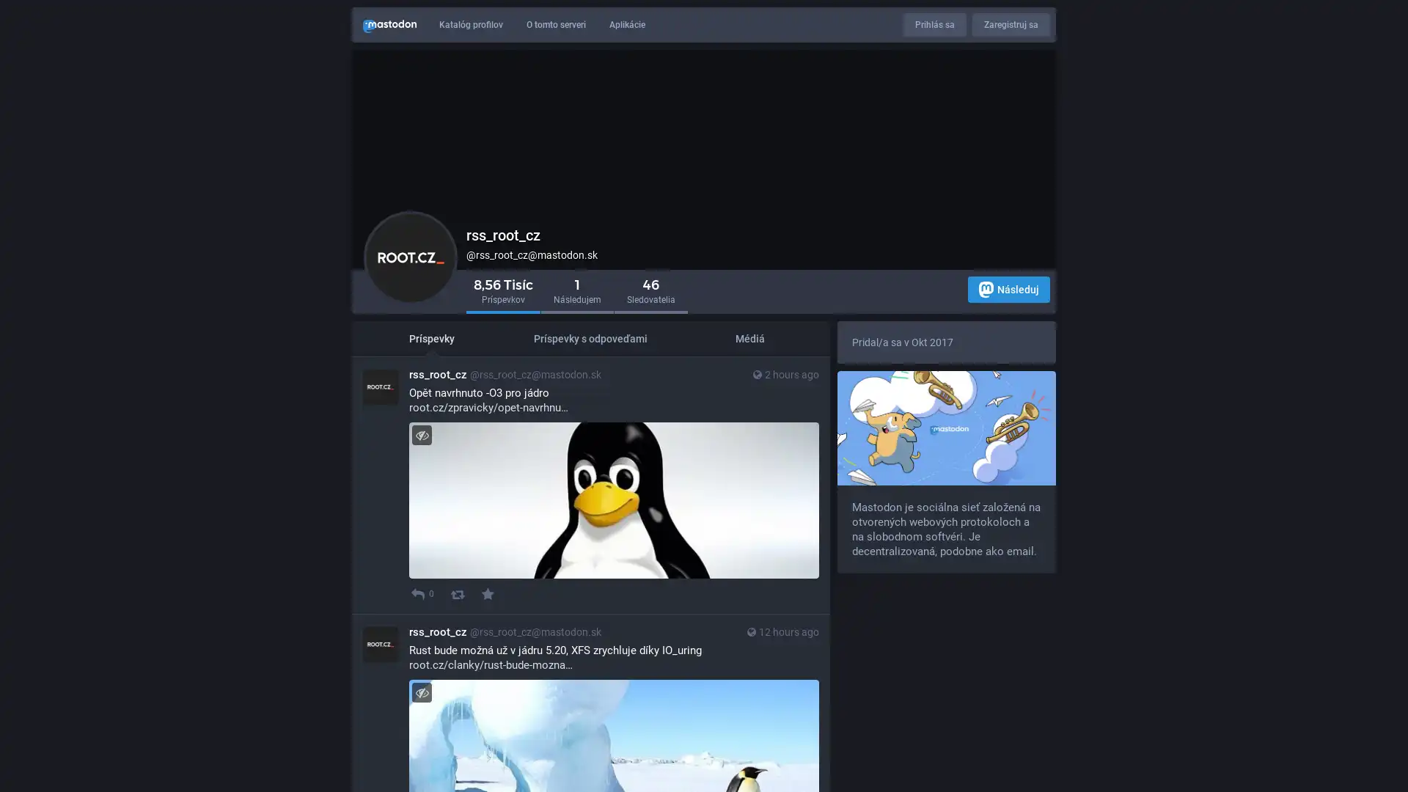 The height and width of the screenshot is (792, 1408). I want to click on Zapni/Vypni viditelnost, so click(421, 434).